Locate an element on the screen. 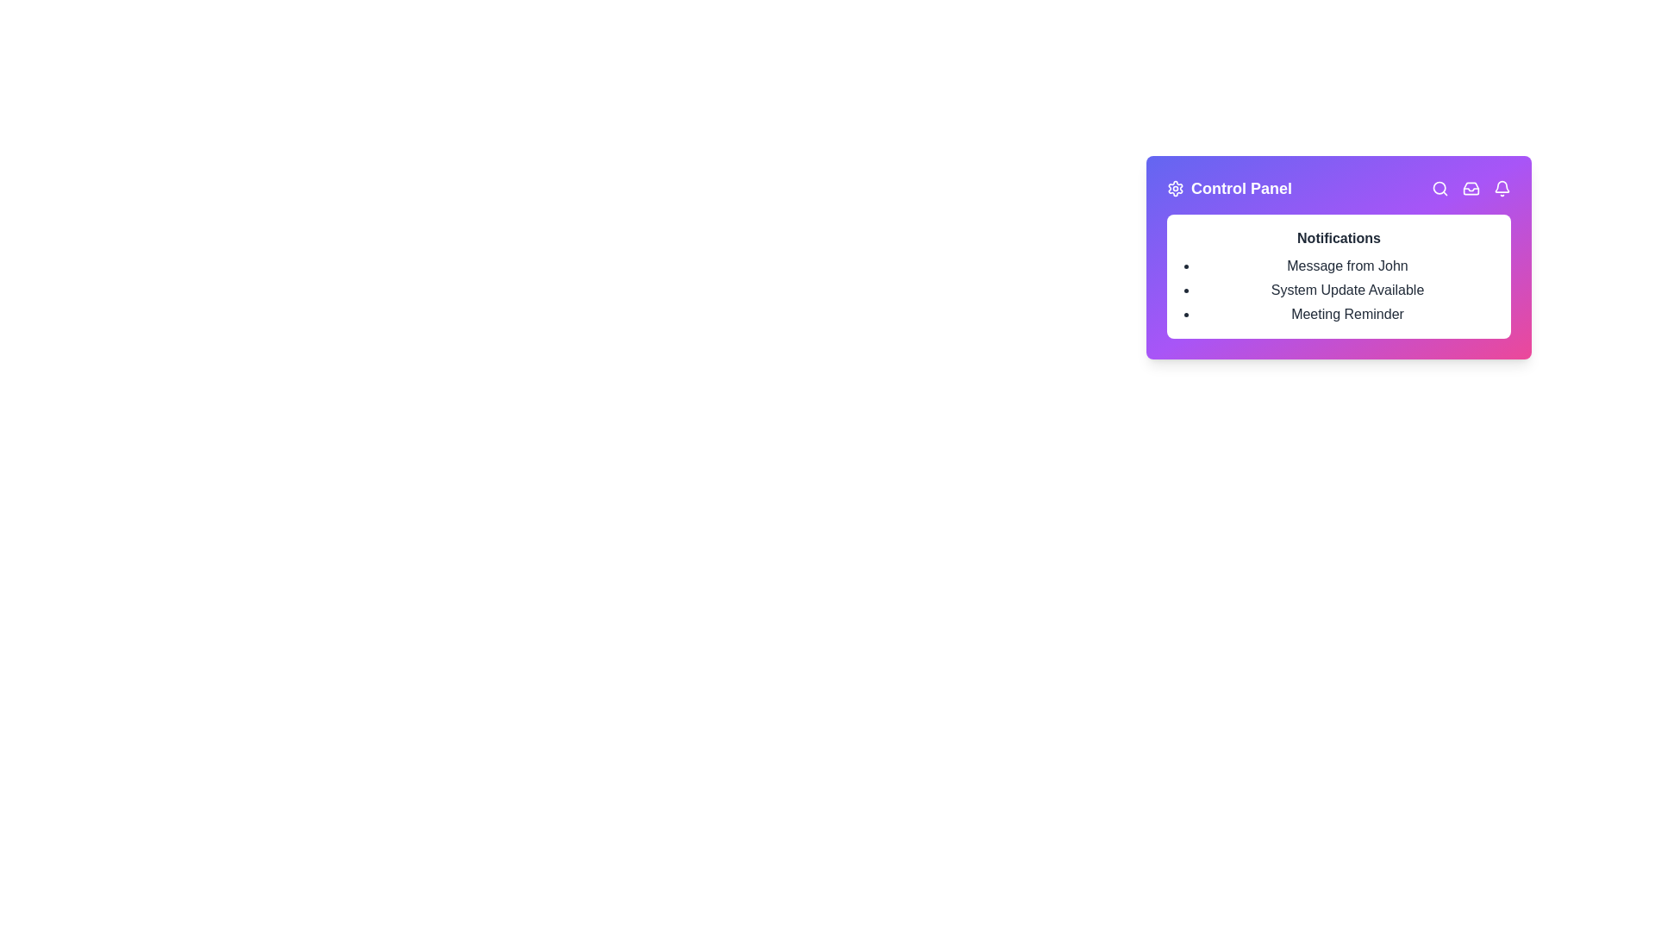 The width and height of the screenshot is (1655, 931). the search icon in the top-right corner of the component is located at coordinates (1440, 189).